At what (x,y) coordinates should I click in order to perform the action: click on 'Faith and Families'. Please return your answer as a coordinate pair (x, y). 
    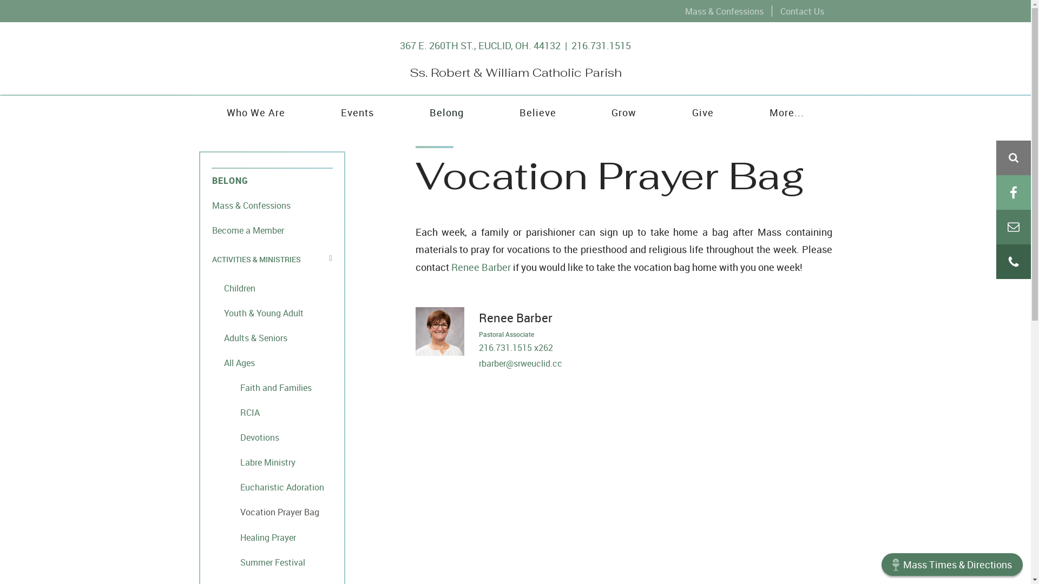
    Looking at the image, I should click on (272, 387).